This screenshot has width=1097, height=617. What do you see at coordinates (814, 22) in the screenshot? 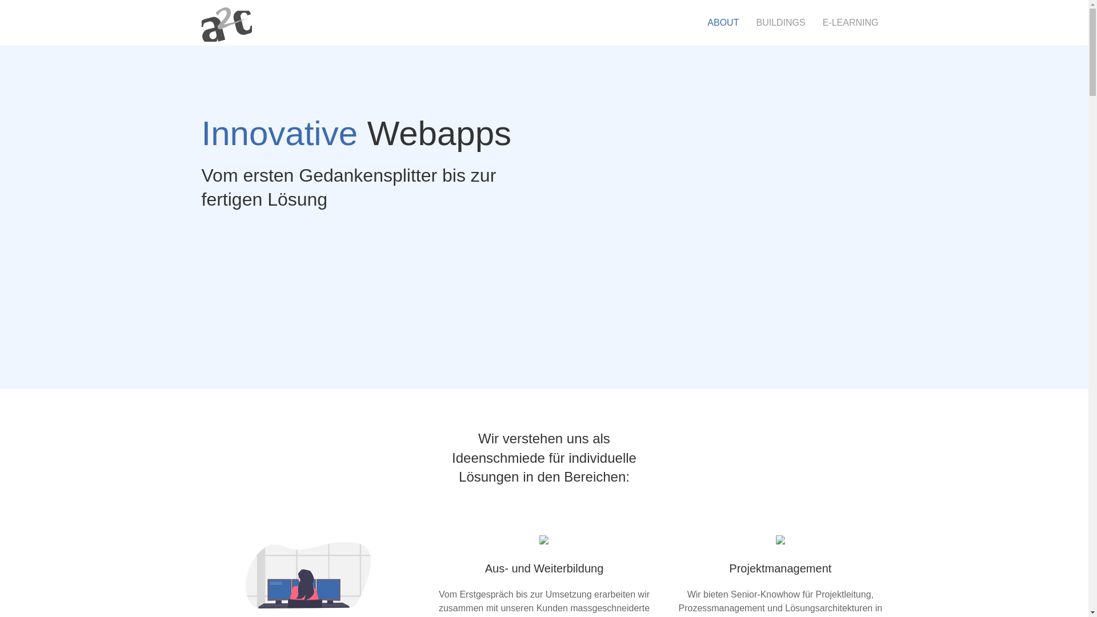
I see `'E-LEARNING'` at bounding box center [814, 22].